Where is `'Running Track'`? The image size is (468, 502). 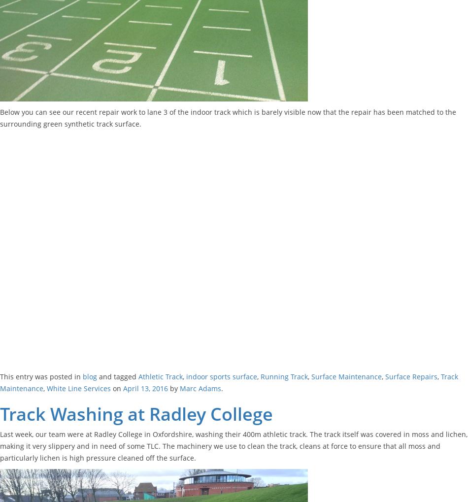
'Running Track' is located at coordinates (260, 375).